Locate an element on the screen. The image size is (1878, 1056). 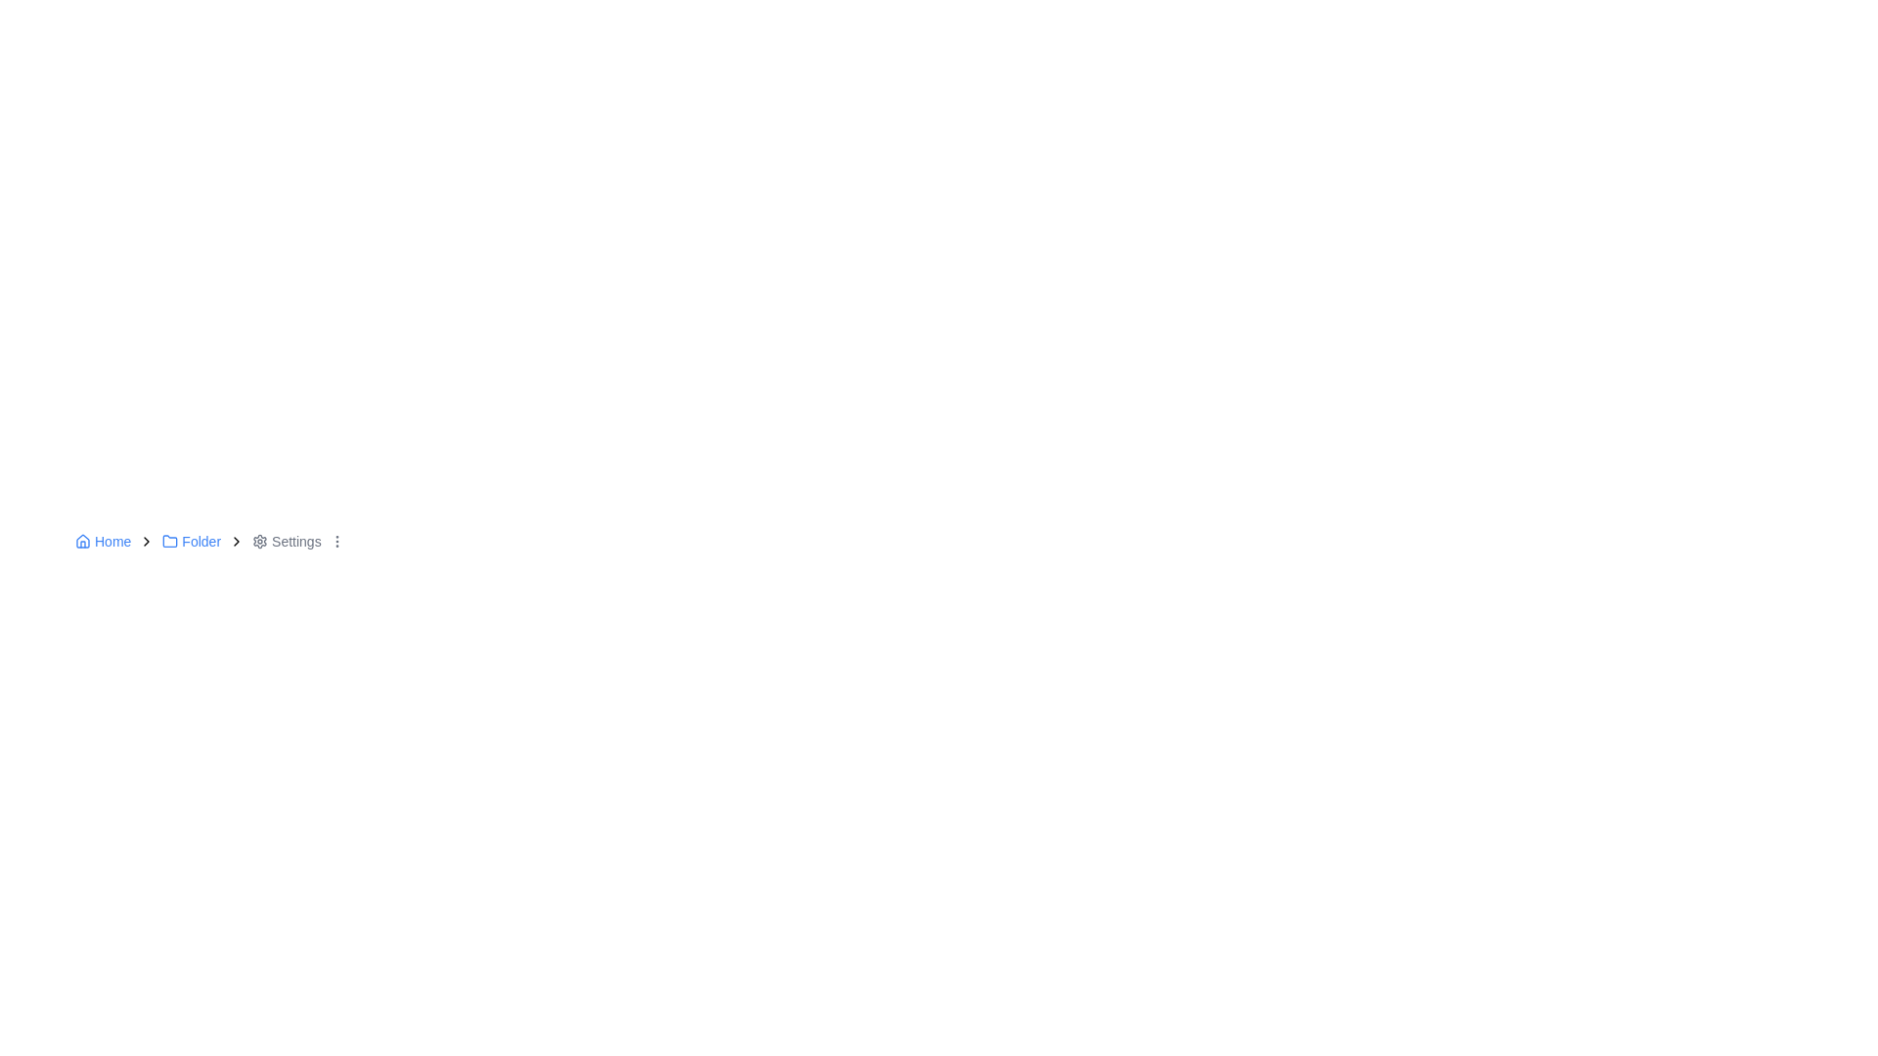
the settings icon located to the left of the 'Settings' label is located at coordinates (259, 542).